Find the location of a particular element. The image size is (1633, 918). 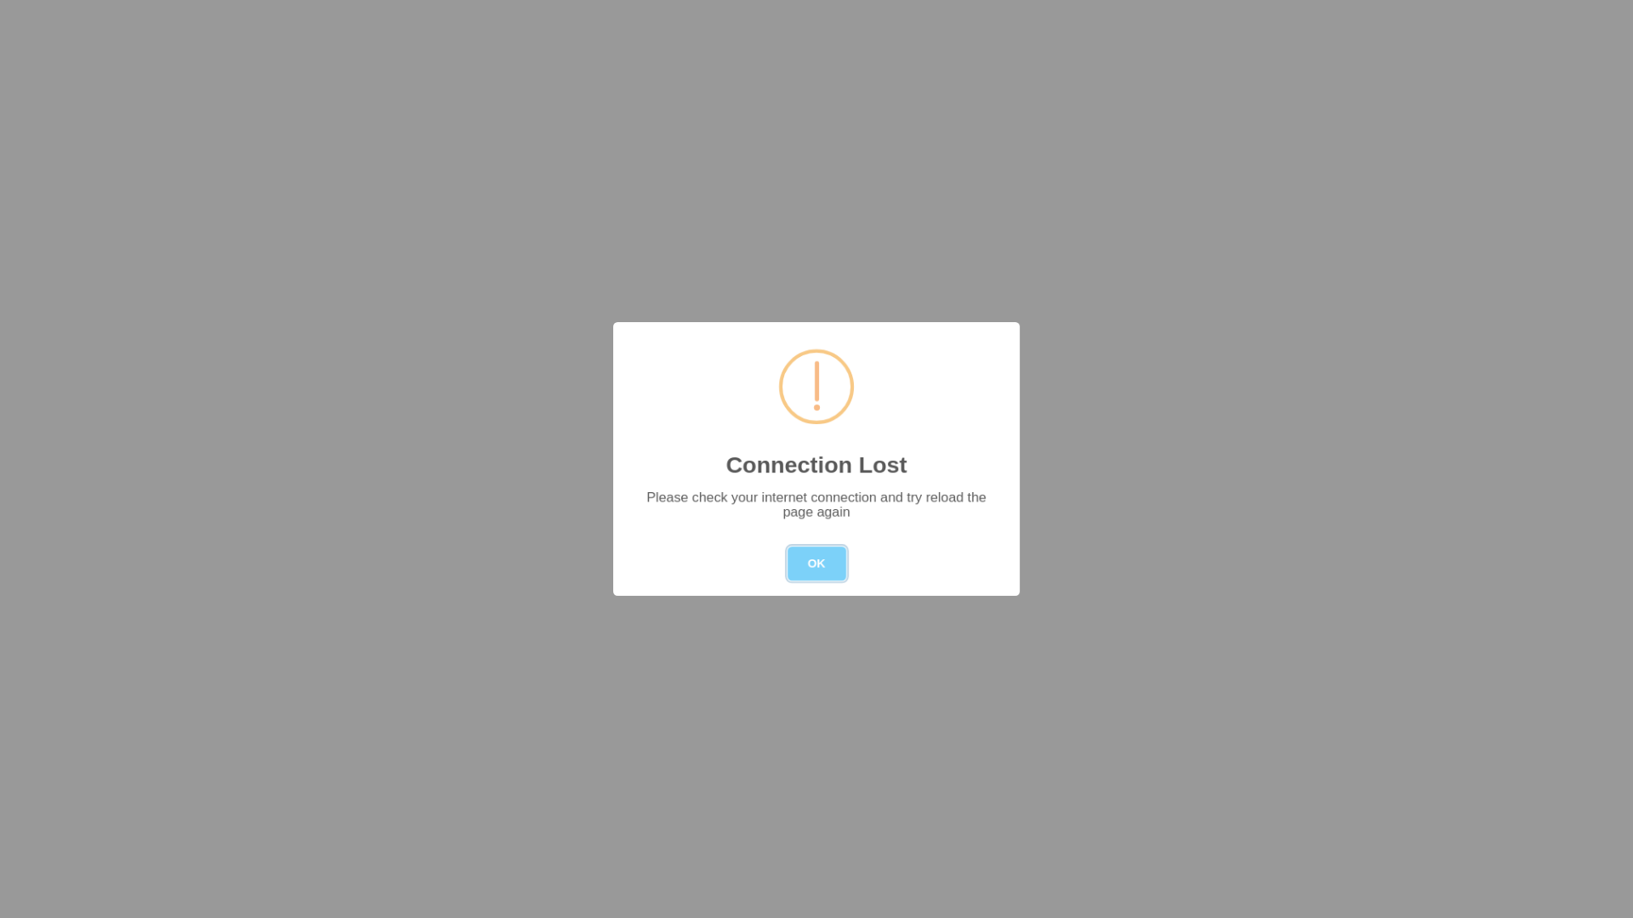

'OK' is located at coordinates (816, 564).